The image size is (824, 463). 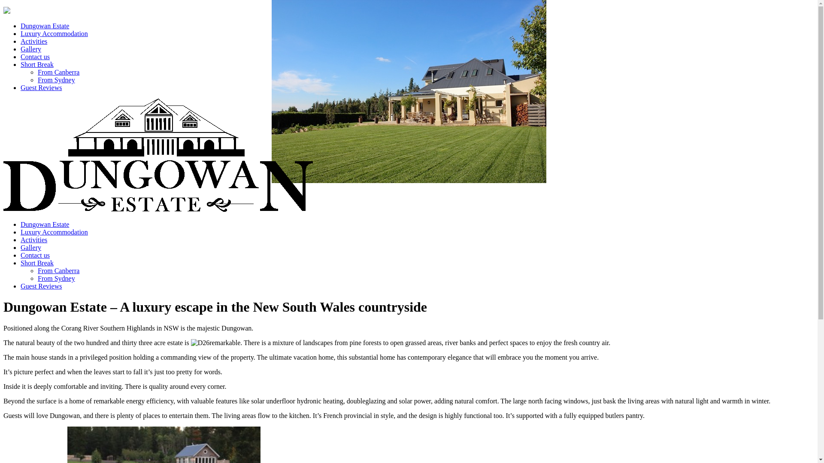 I want to click on 'Dungowan Estate', so click(x=21, y=224).